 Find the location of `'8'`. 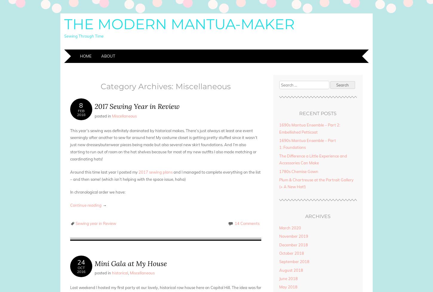

'8' is located at coordinates (81, 105).